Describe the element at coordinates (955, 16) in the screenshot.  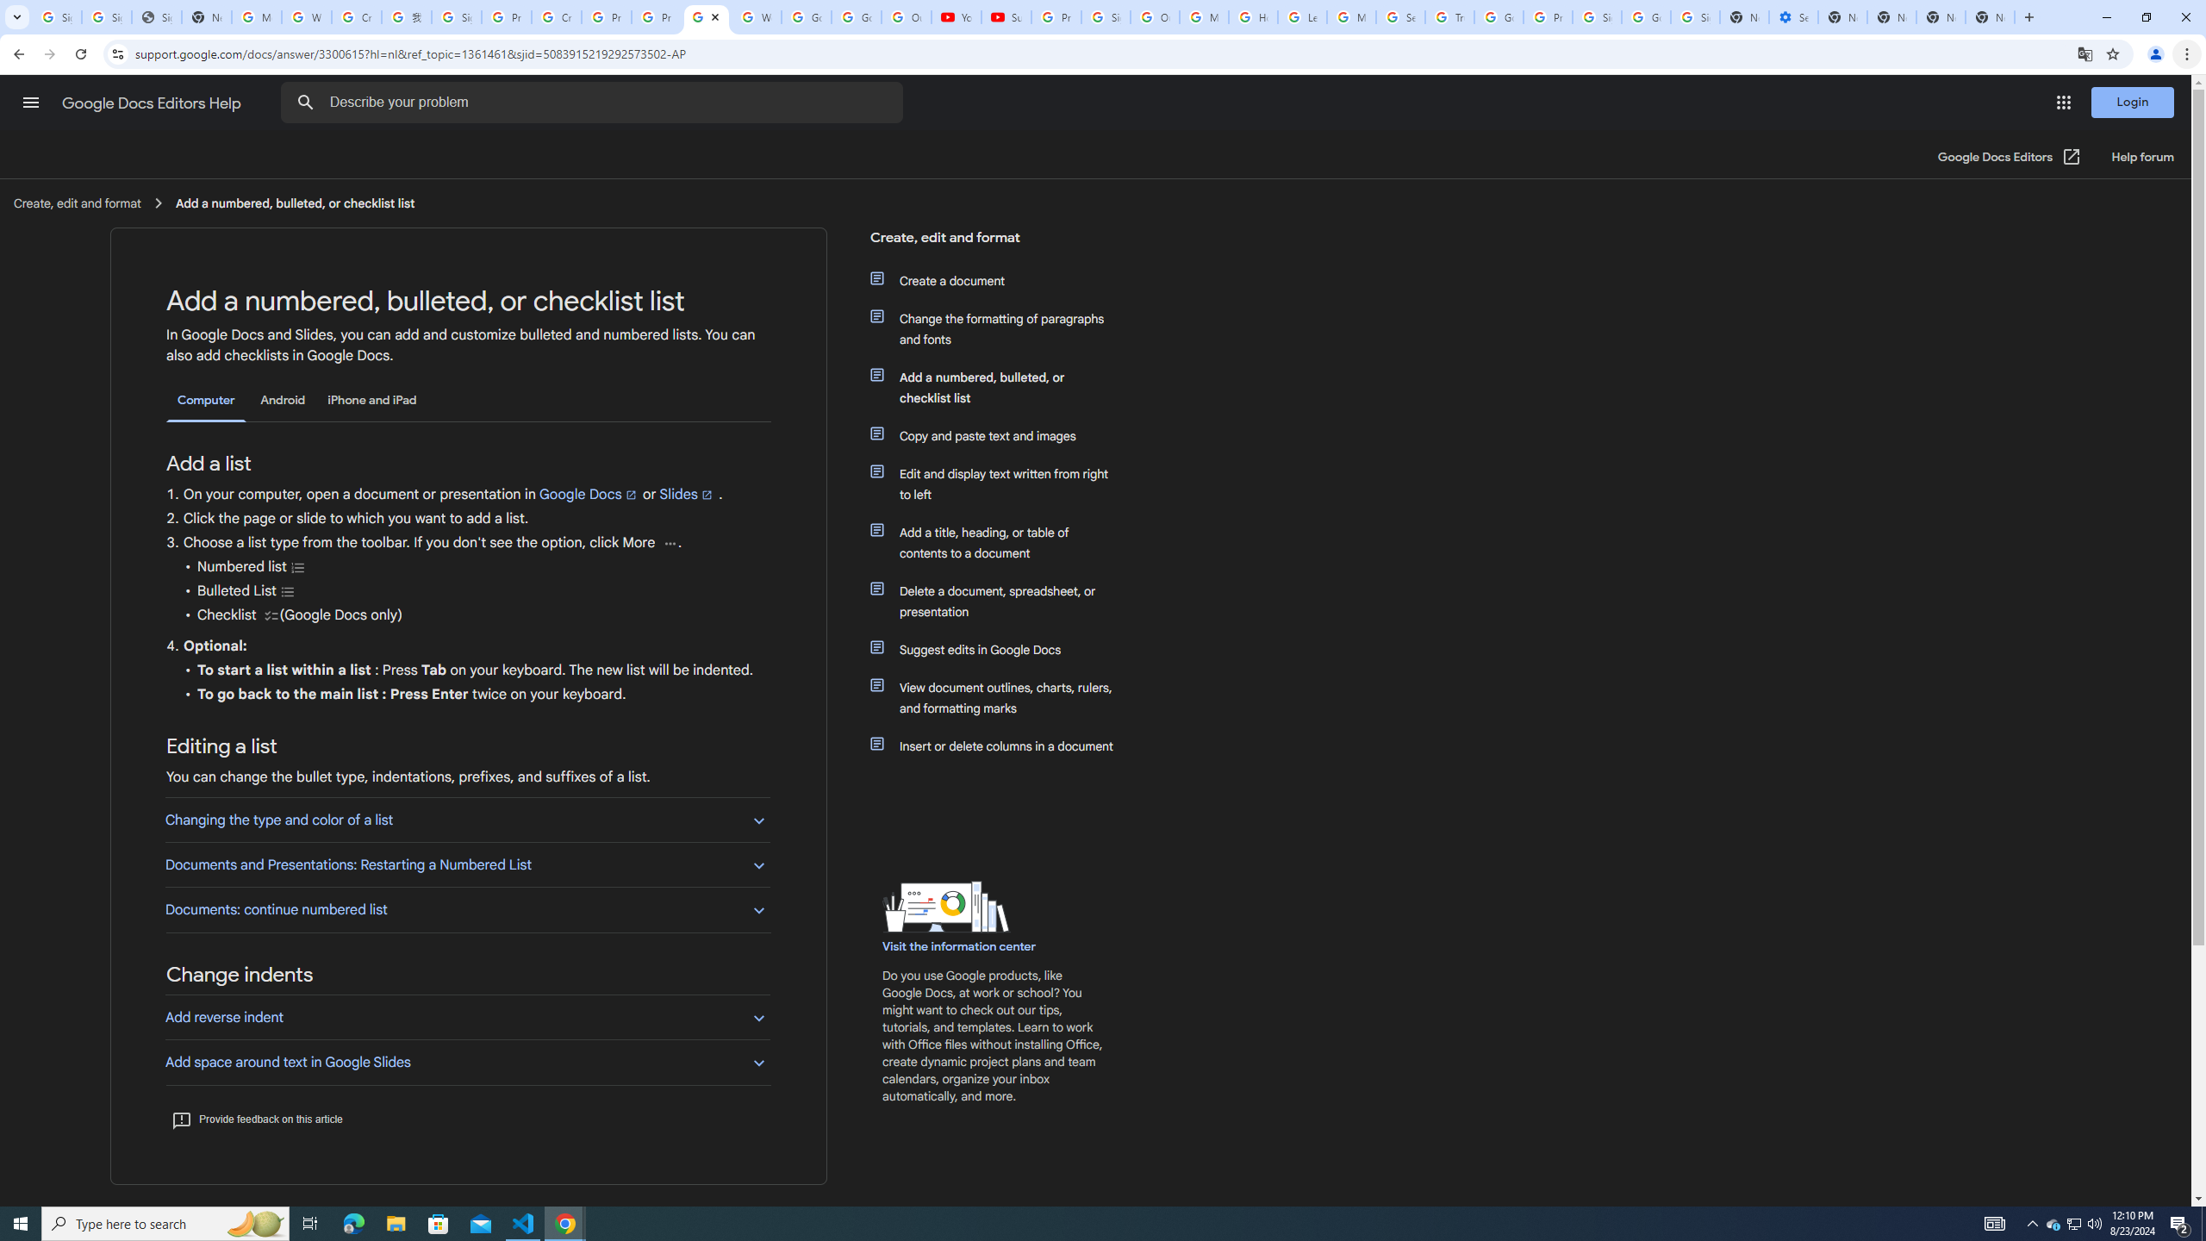
I see `'YouTube'` at that location.